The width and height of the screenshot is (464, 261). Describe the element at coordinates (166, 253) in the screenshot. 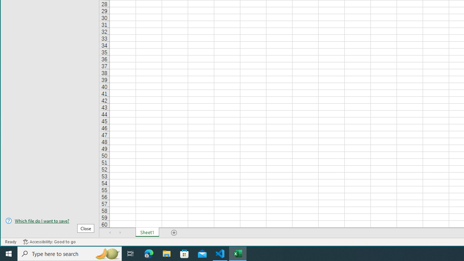

I see `'File Explorer'` at that location.